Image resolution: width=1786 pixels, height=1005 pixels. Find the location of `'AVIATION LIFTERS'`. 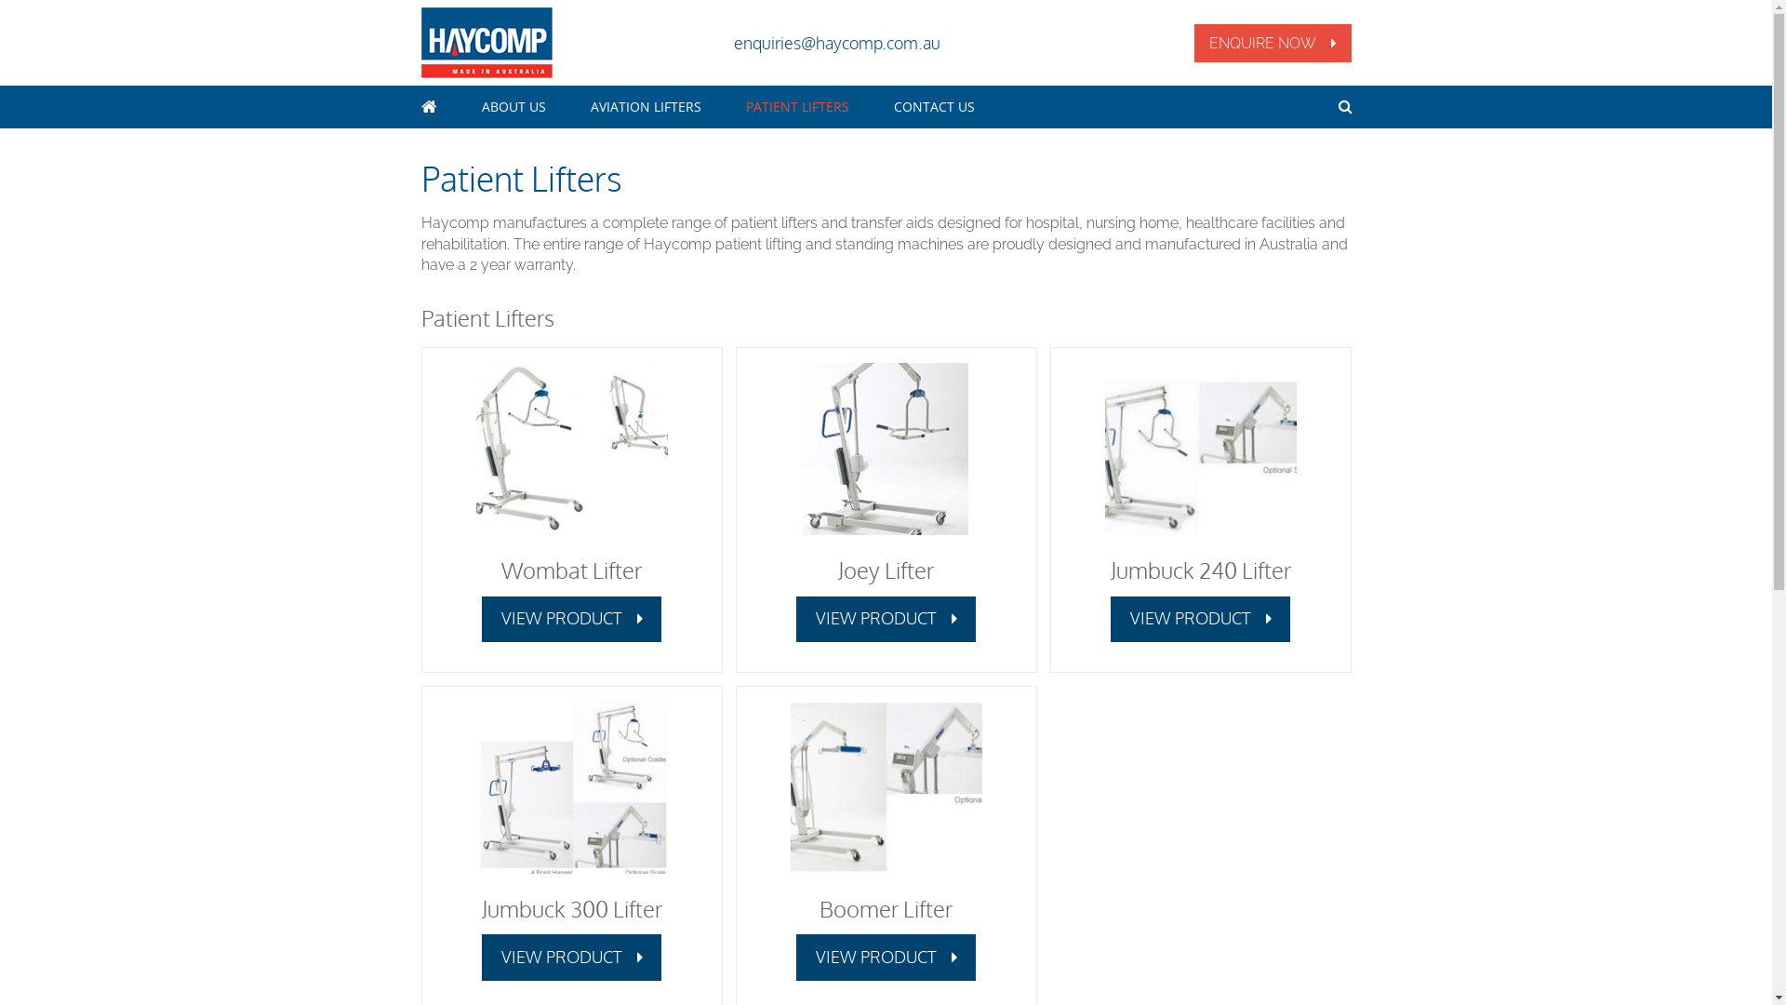

'AVIATION LIFTERS' is located at coordinates (645, 107).